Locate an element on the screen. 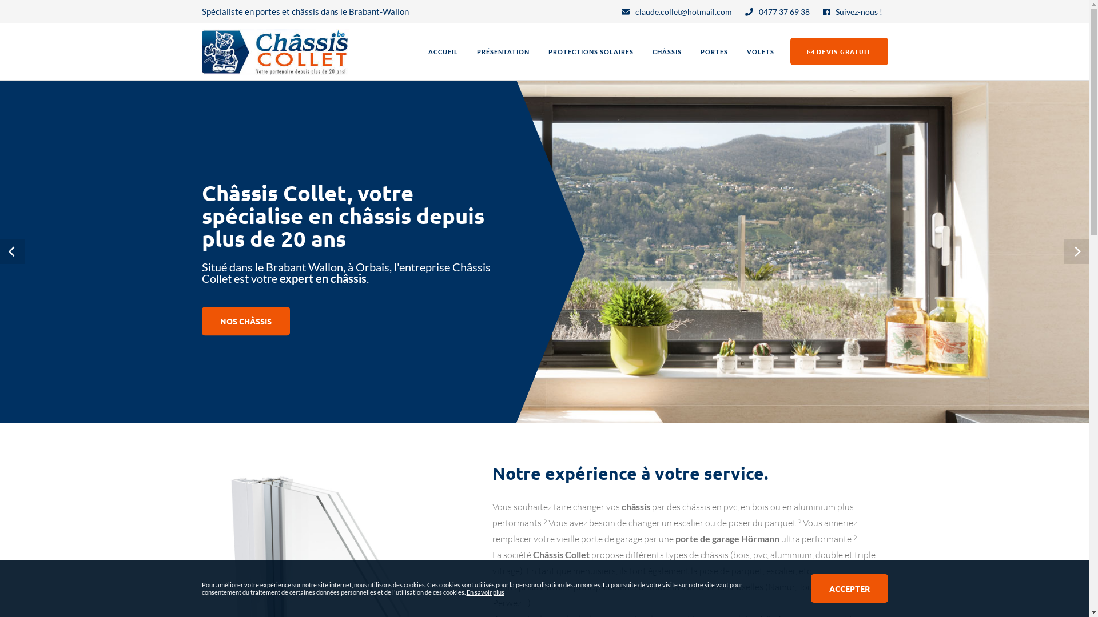 The width and height of the screenshot is (1098, 617). 'ACCUEIL' is located at coordinates (419, 52).